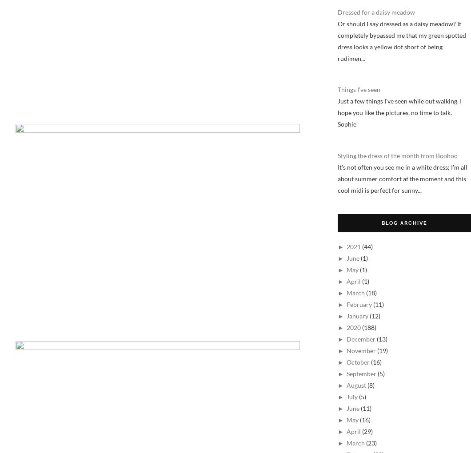 The image size is (471, 453). Describe the element at coordinates (359, 304) in the screenshot. I see `'February'` at that location.